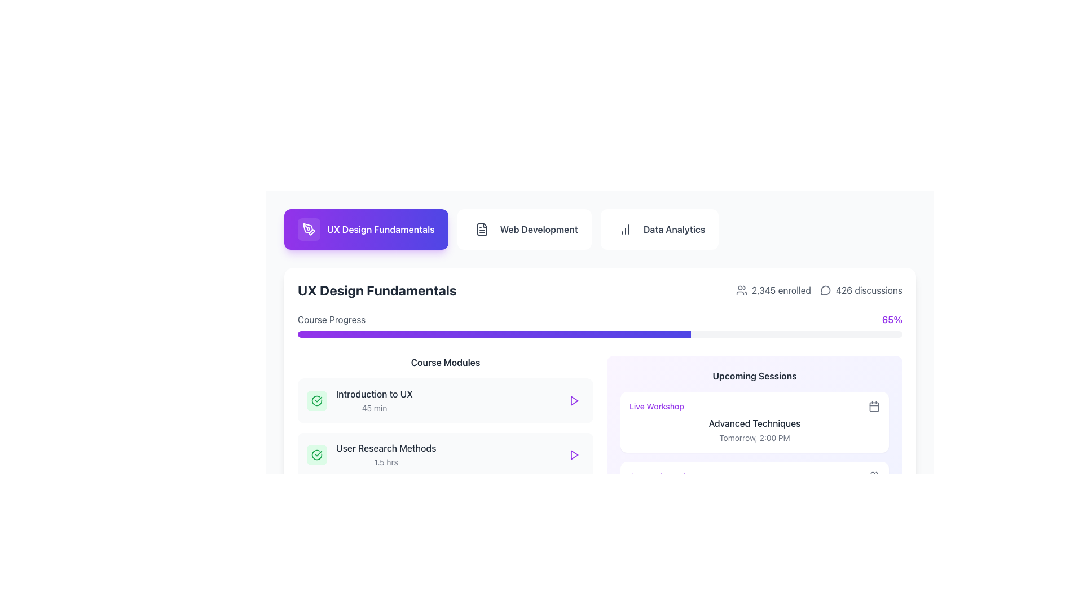 This screenshot has width=1083, height=609. I want to click on the progress level of the progress bar located beneath the 'Course Progress' heading, which visually represents the activity's completion percentage, so click(494, 334).